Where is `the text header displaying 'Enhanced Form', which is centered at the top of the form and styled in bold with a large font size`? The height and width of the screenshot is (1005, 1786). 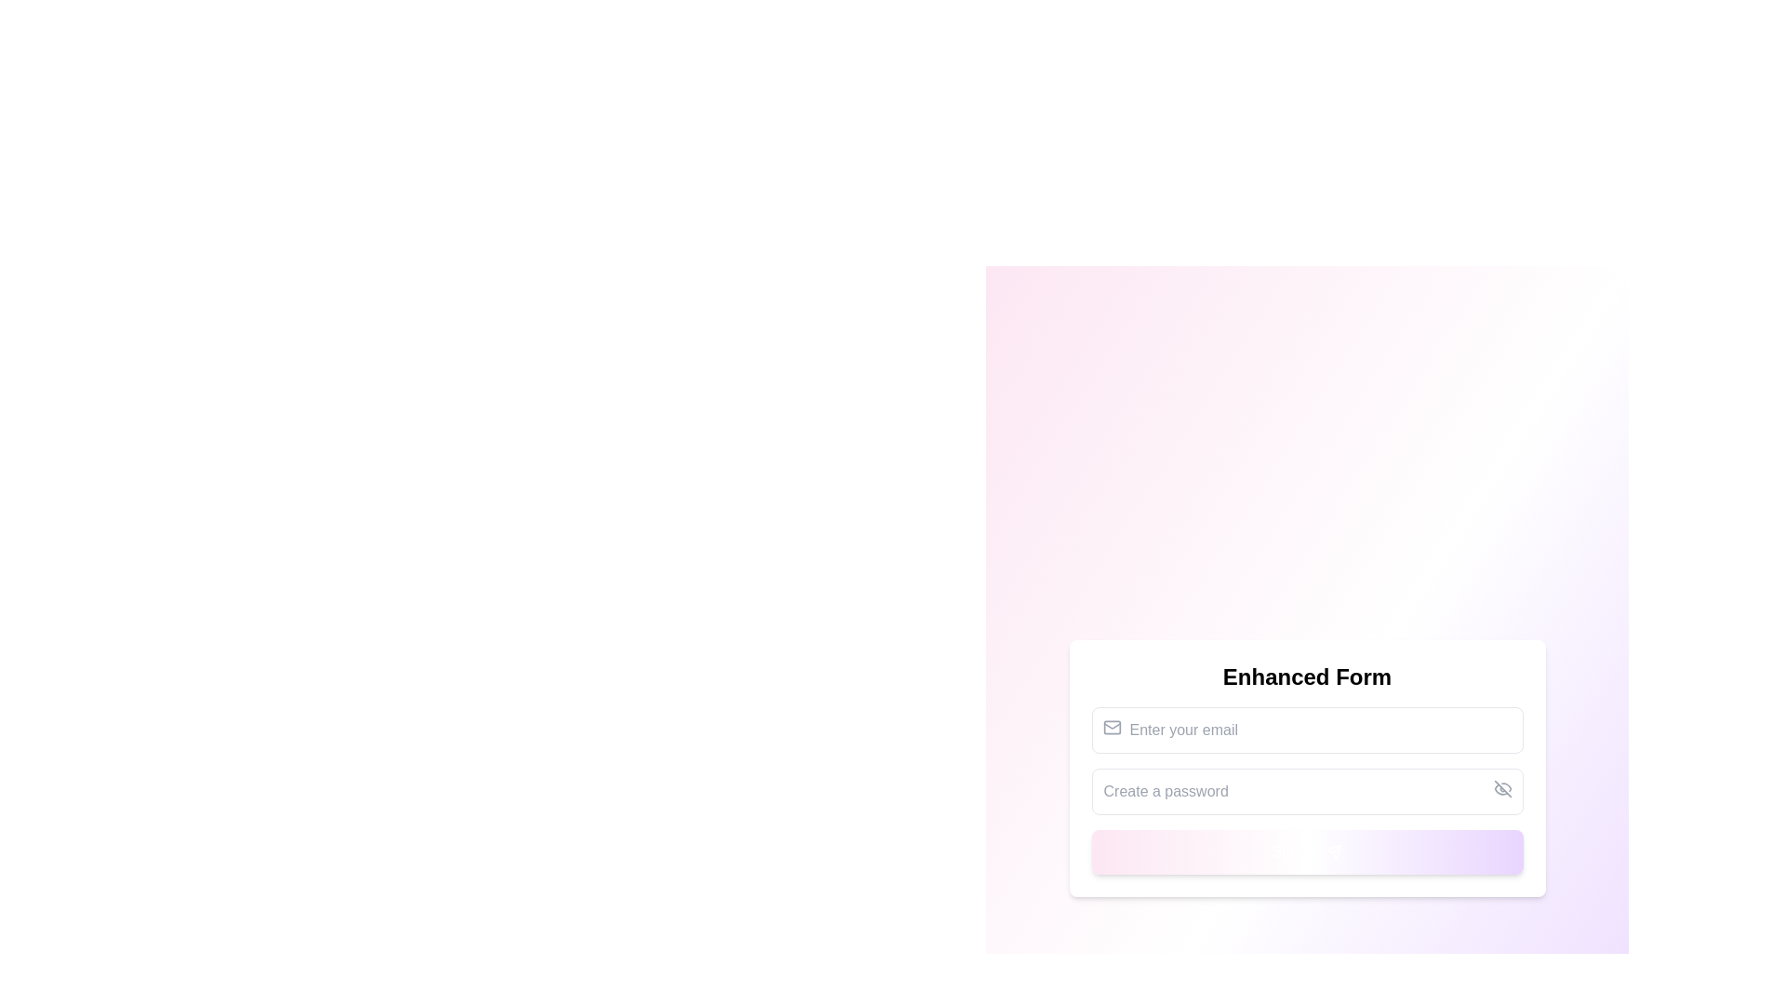
the text header displaying 'Enhanced Form', which is centered at the top of the form and styled in bold with a large font size is located at coordinates (1306, 677).